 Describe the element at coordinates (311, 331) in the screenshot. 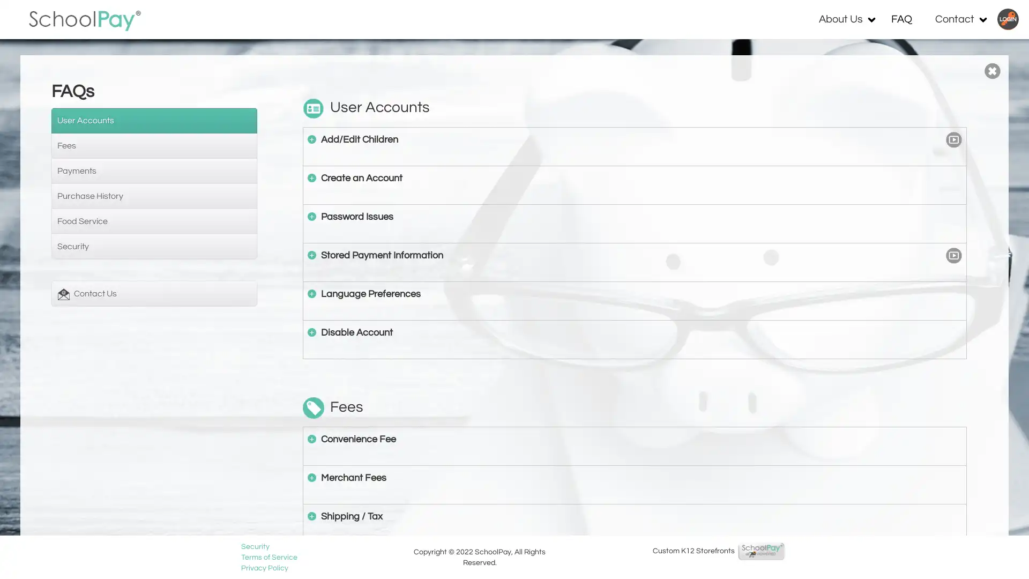

I see `Disable Your Account` at that location.